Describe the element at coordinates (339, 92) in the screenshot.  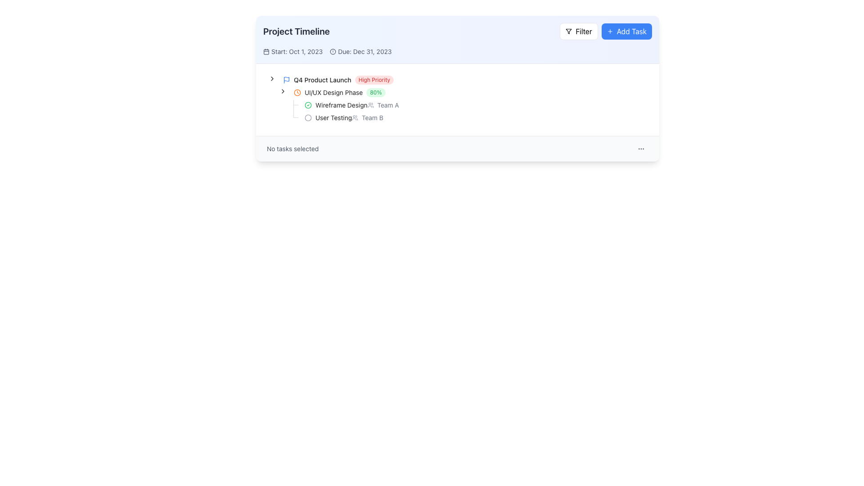
I see `the text 'UI/UX Design Phase'` at that location.